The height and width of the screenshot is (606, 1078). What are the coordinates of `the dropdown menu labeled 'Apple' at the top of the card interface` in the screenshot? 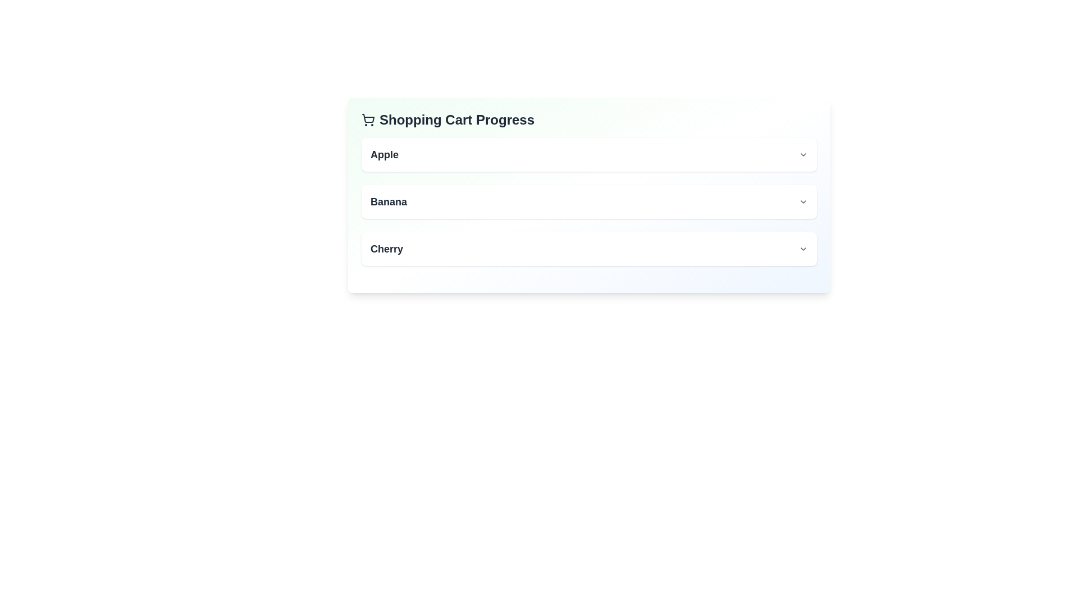 It's located at (588, 155).